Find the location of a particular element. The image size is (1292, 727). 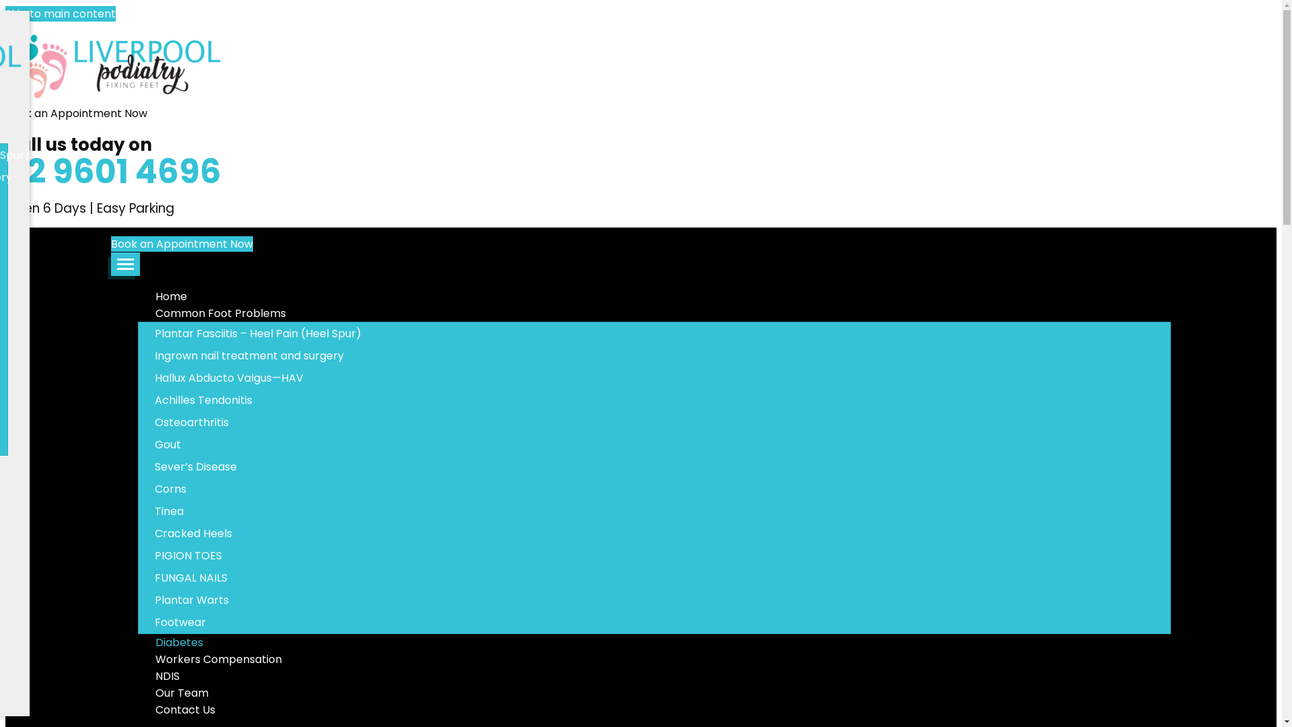

'Contact Us' is located at coordinates (184, 709).